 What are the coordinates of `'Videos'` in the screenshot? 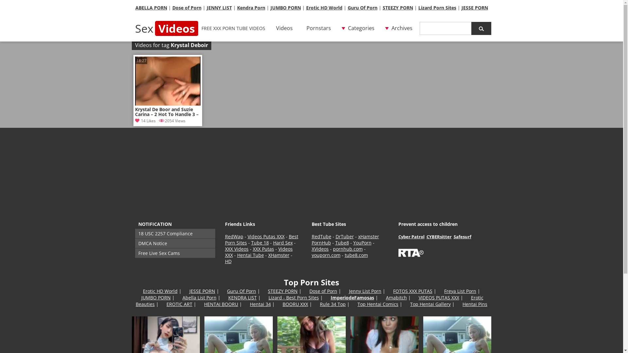 It's located at (284, 28).